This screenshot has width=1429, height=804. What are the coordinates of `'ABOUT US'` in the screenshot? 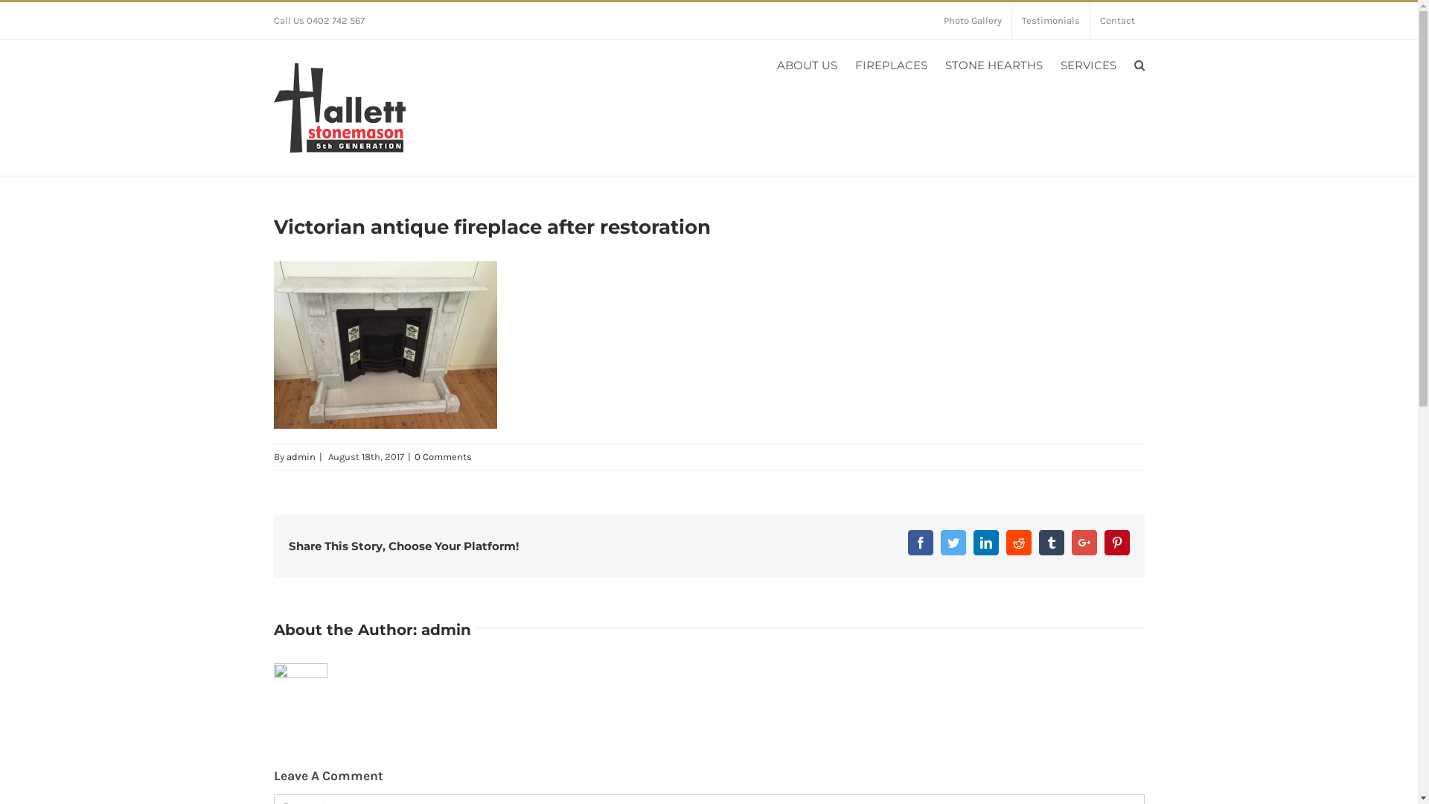 It's located at (806, 64).